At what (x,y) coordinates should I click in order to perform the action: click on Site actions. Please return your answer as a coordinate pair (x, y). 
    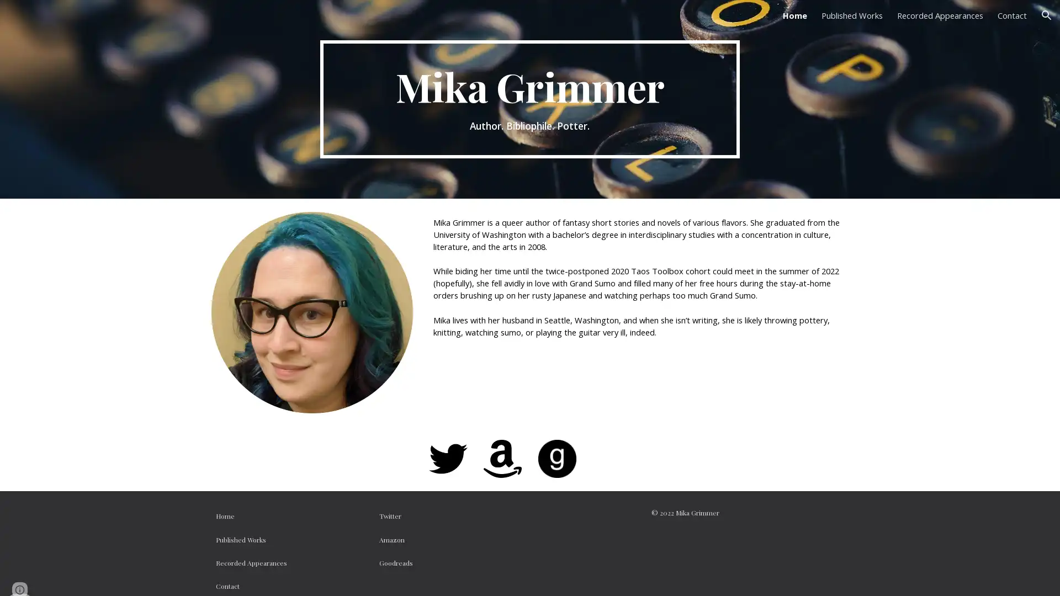
    Looking at the image, I should click on (19, 576).